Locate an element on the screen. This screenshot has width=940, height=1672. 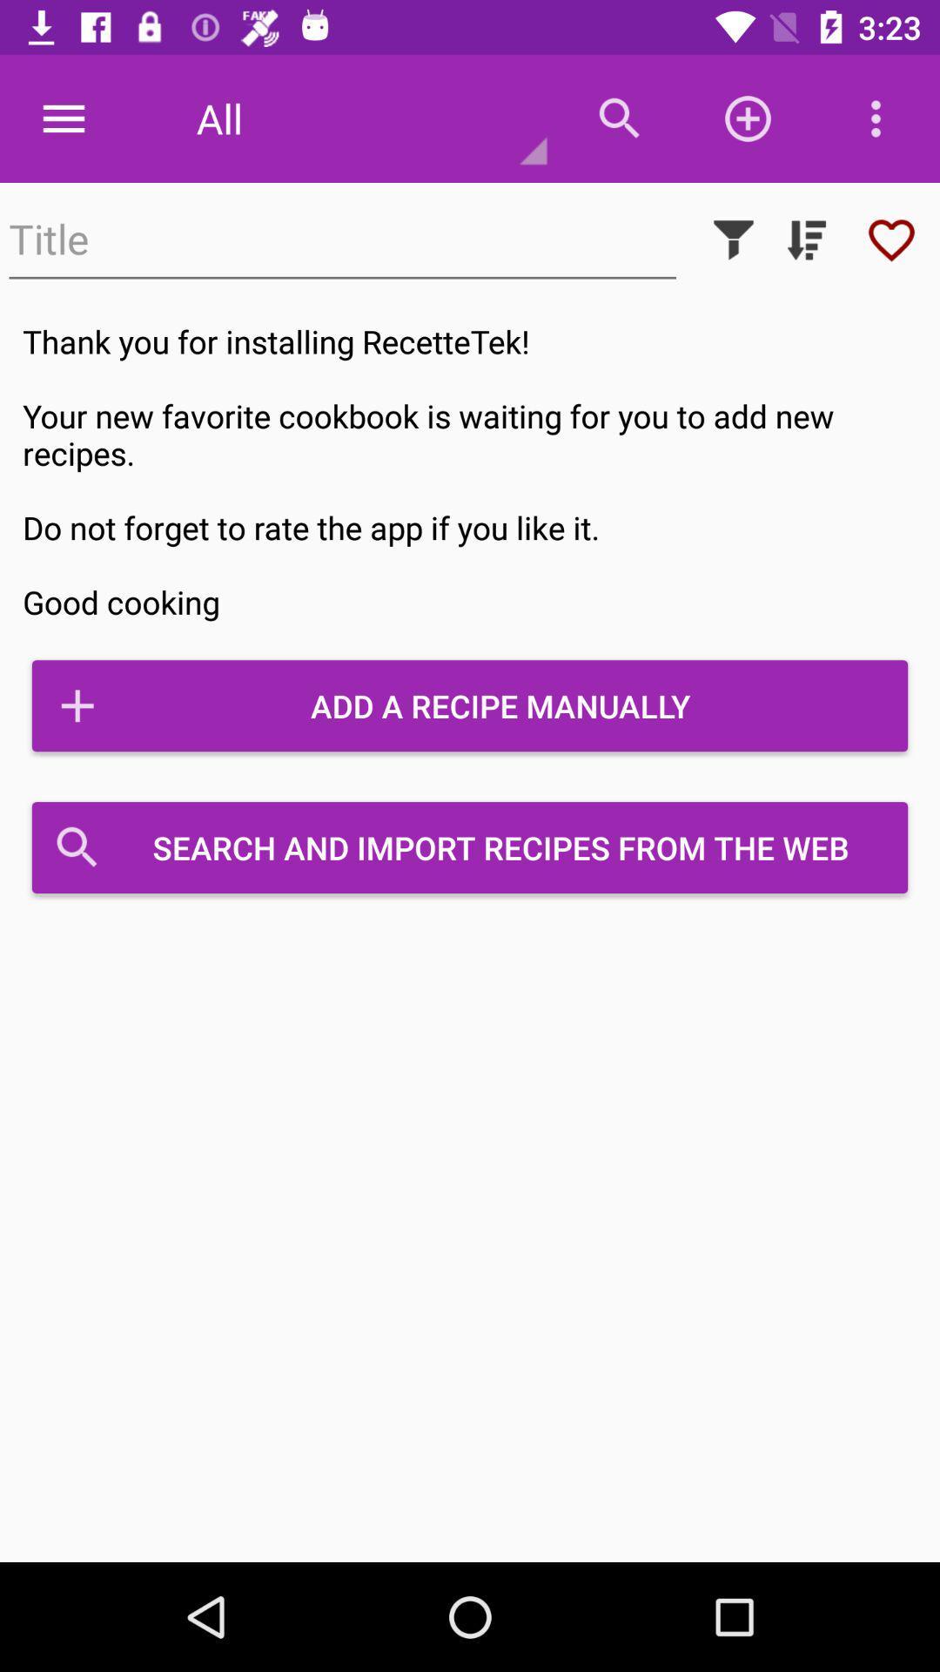
the filter_list icon is located at coordinates (806, 239).